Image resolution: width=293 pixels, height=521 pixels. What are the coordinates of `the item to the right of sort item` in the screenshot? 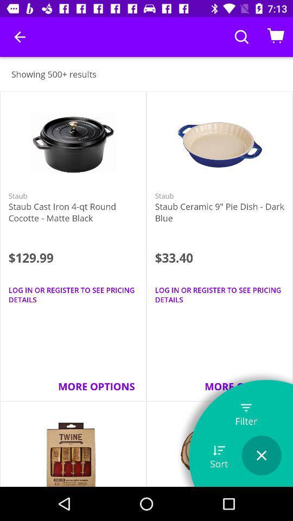 It's located at (261, 455).